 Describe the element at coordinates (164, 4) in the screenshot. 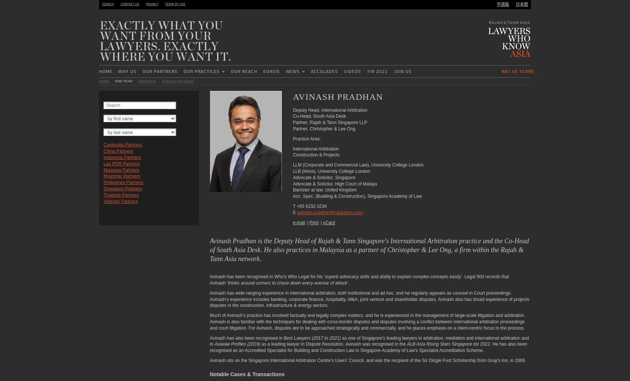

I see `'Term of use'` at that location.